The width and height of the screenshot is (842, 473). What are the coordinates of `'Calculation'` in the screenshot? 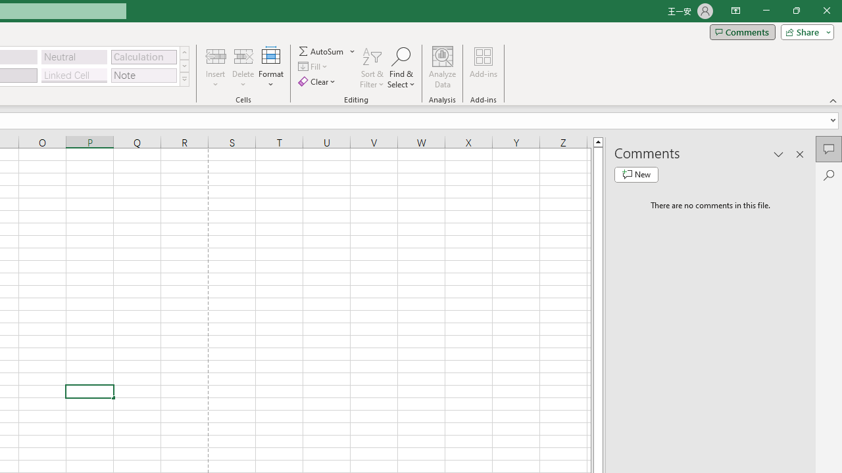 It's located at (143, 56).